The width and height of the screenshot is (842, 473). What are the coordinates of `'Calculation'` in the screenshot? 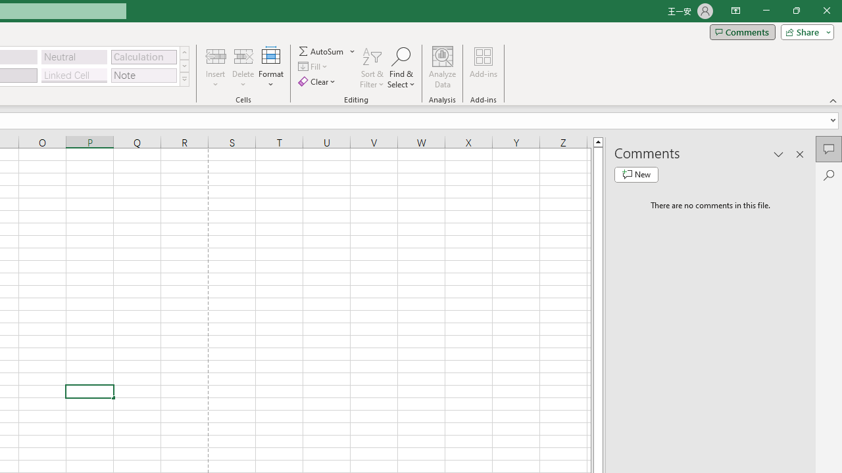 It's located at (143, 56).